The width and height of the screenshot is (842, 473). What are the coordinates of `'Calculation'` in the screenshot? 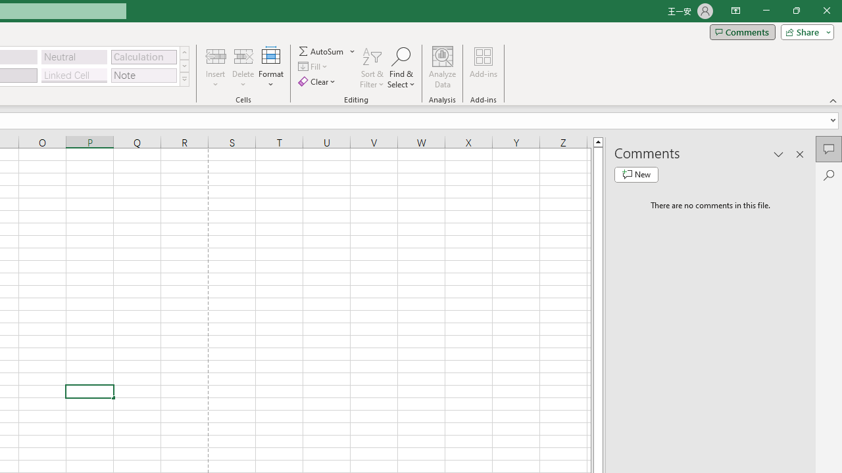 It's located at (143, 56).